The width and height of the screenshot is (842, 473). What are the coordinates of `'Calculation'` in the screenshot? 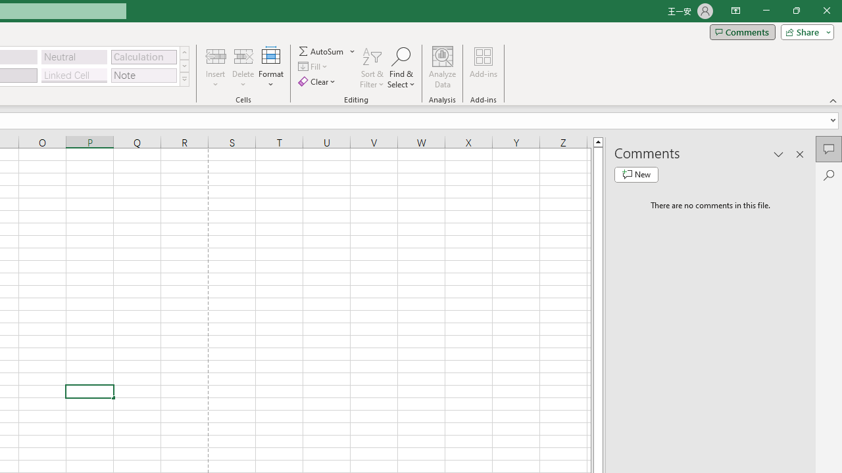 It's located at (143, 56).